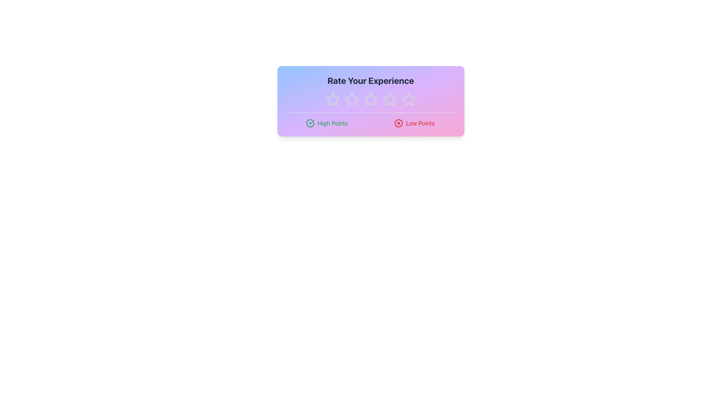 This screenshot has width=701, height=394. Describe the element at coordinates (332, 123) in the screenshot. I see `the text label displaying 'High Points', which is styled in green and positioned to the right of a green checkmark icon within the lower part of the card interface` at that location.